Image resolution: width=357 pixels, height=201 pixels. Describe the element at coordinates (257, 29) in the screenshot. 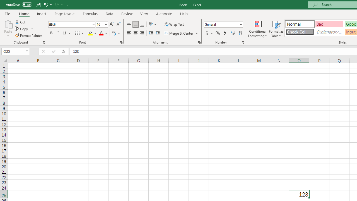

I see `'Conditional Formatting'` at that location.